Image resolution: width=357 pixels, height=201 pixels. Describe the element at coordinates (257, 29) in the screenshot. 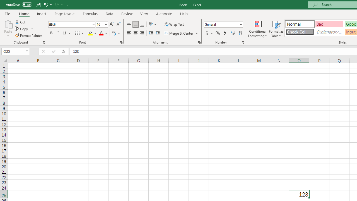

I see `'Conditional Formatting'` at that location.